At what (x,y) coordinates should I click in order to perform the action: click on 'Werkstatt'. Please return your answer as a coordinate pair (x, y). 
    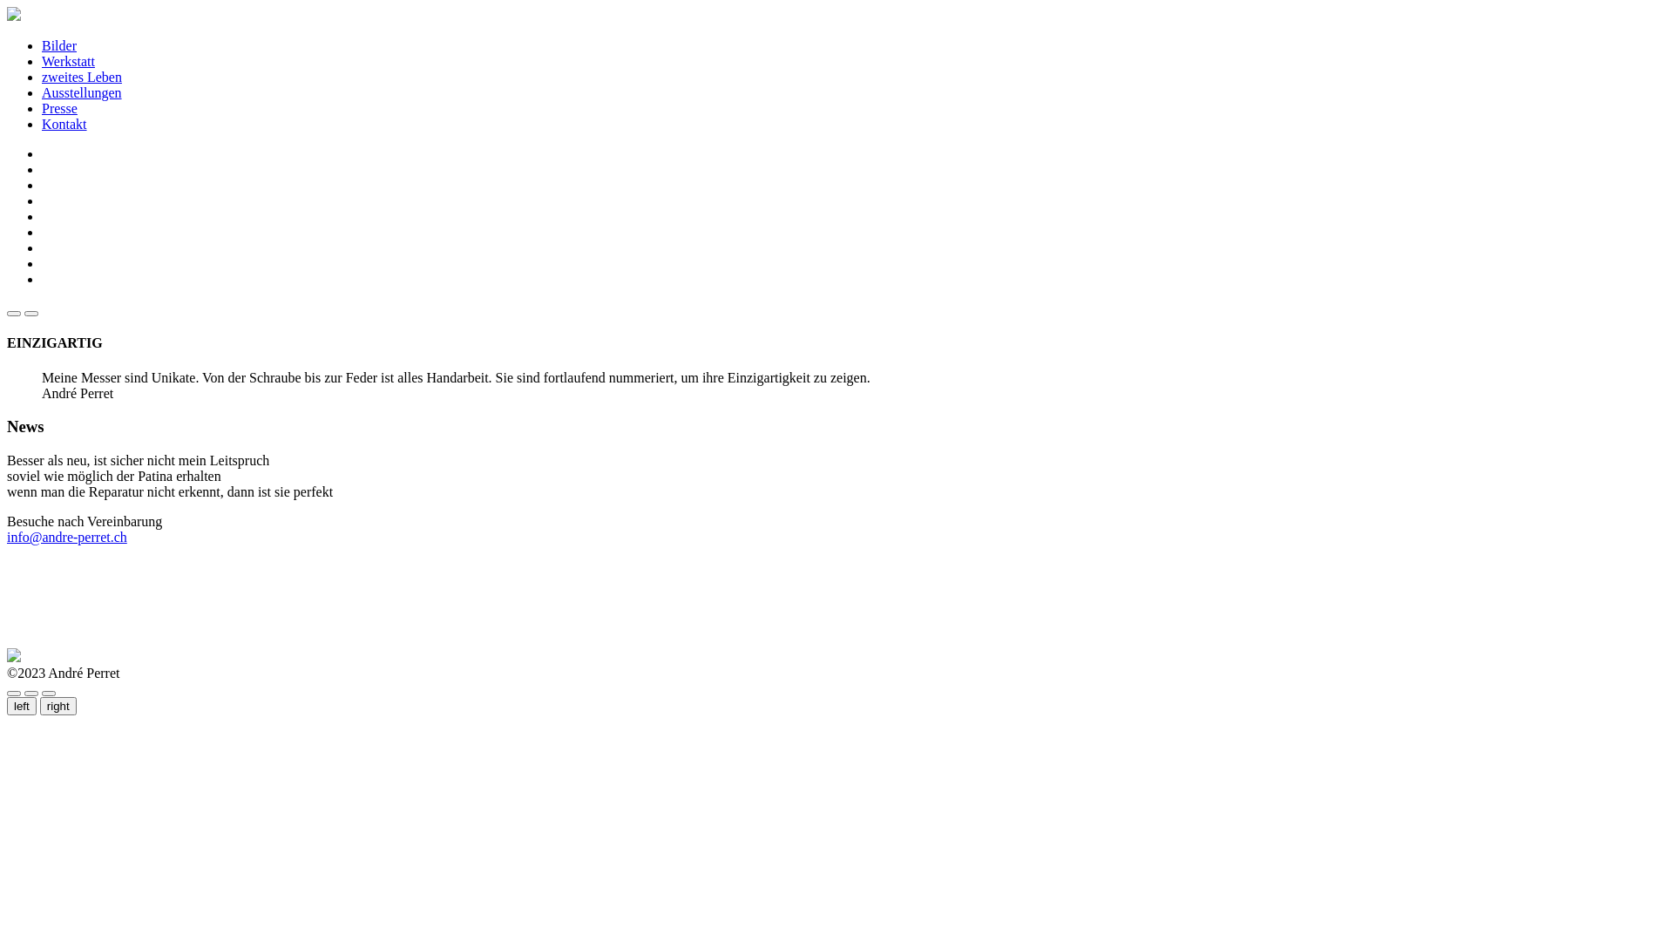
    Looking at the image, I should click on (68, 60).